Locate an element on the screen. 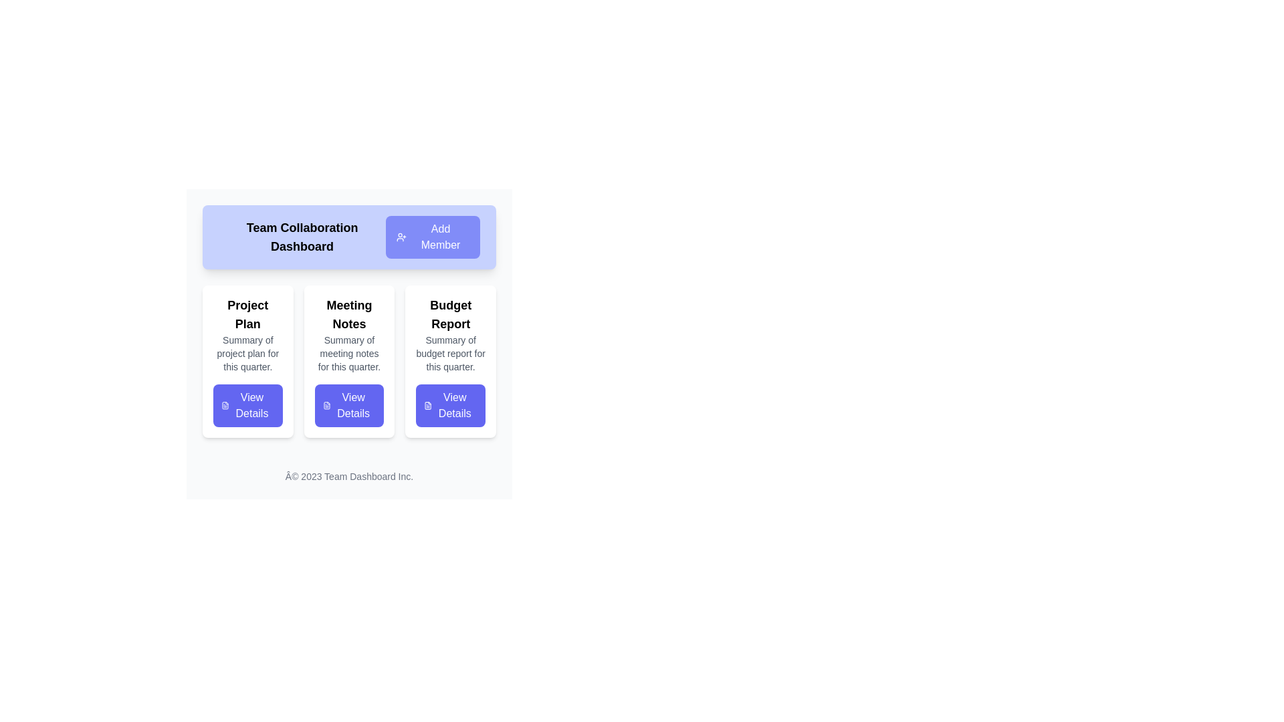  the 'View Details' button located at the bottom of one of the category cards in the Team Collaboration Dashboard is located at coordinates (349, 344).